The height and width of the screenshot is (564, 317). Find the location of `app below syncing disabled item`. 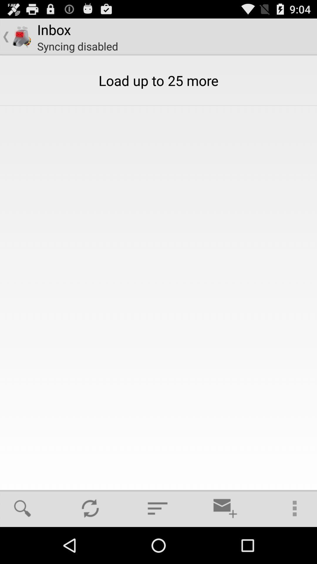

app below syncing disabled item is located at coordinates (28, 508).